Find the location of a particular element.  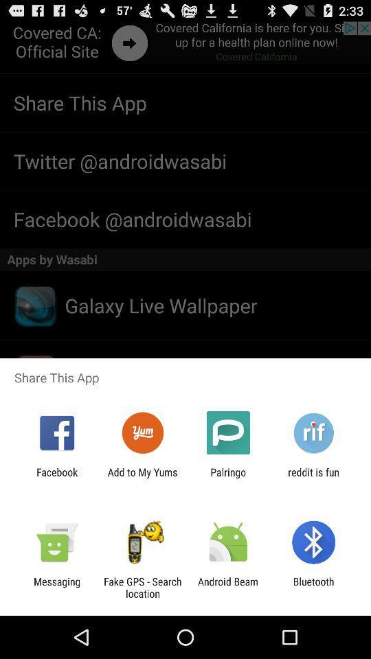

the icon next to the palringo app is located at coordinates (313, 478).